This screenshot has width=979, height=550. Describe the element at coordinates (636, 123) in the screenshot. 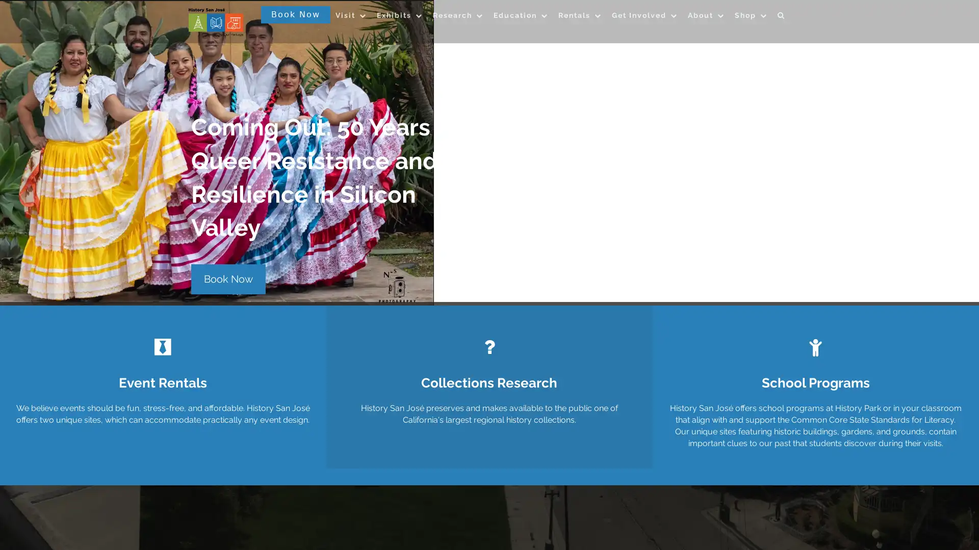

I see `Close` at that location.